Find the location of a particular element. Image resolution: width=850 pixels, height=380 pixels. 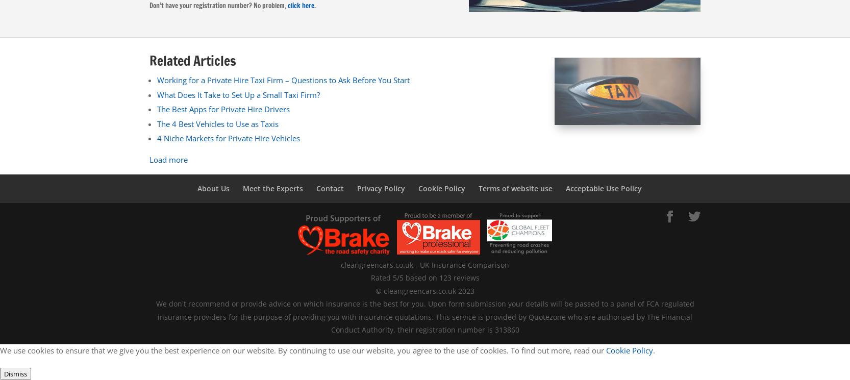

'Working for a Private Hire Taxi Firm – Questions to Ask Before You Start' is located at coordinates (283, 80).